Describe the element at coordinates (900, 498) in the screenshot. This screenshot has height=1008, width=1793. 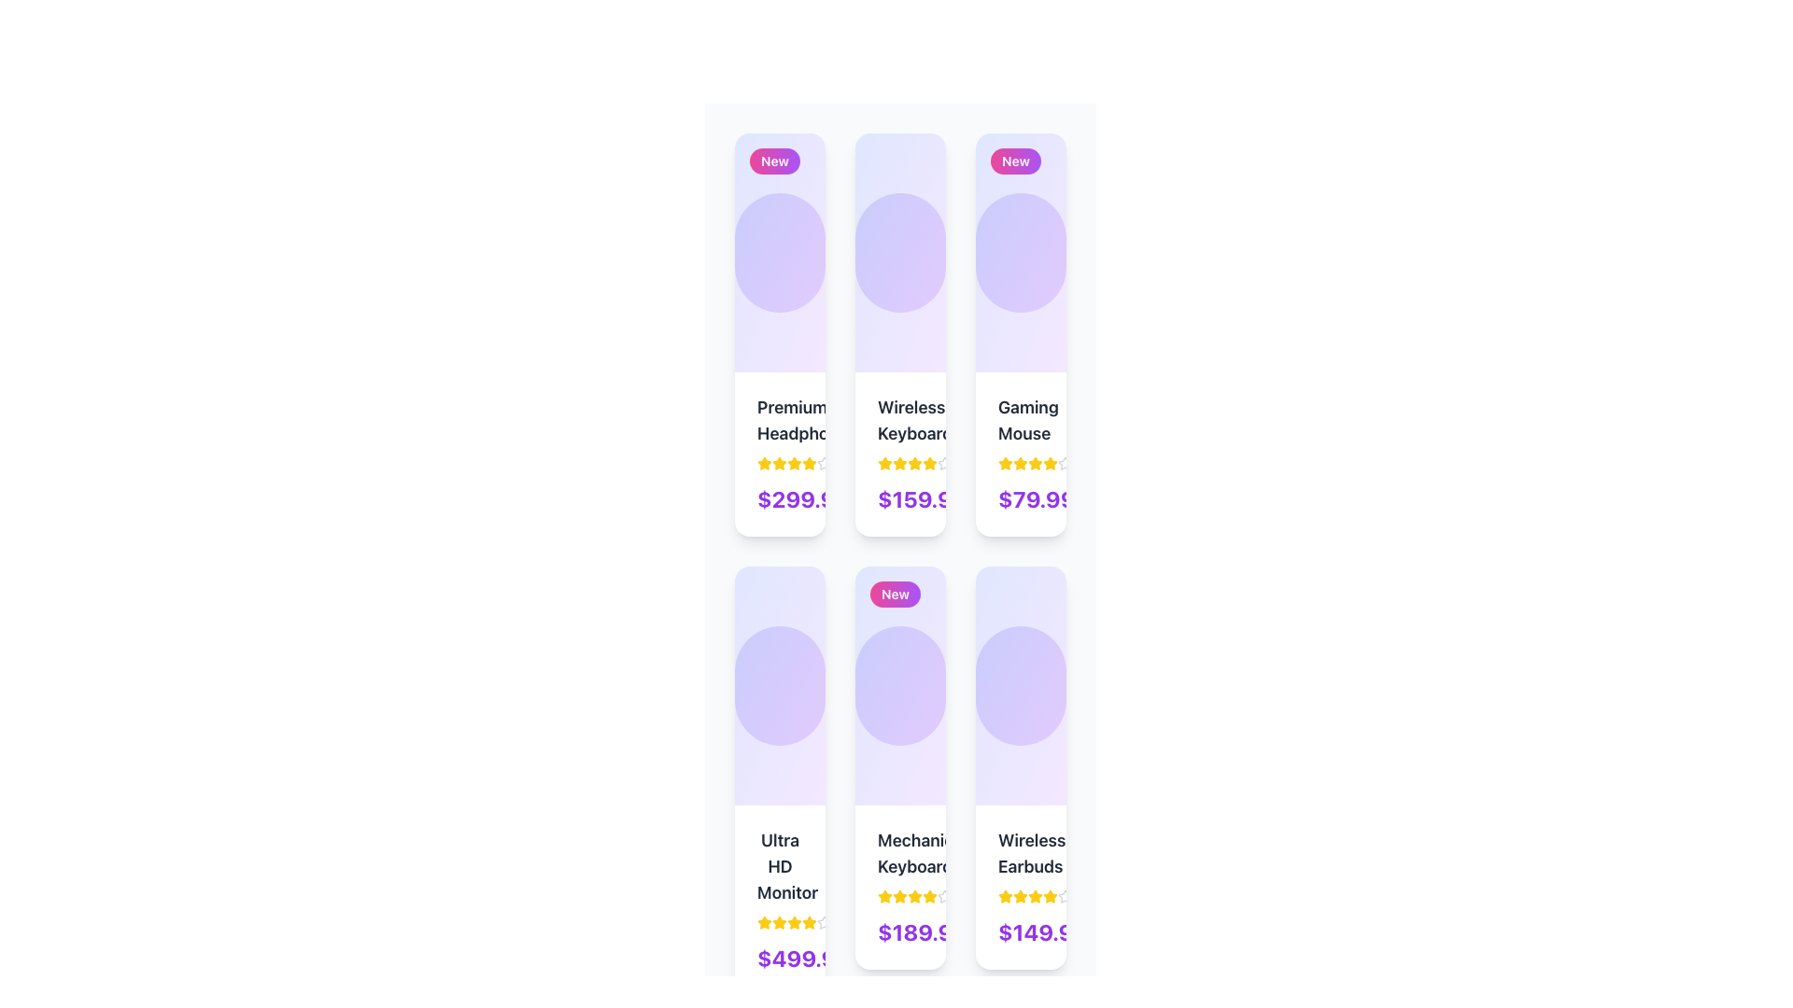
I see `price displayed in the text label for the 'Wireless Keyboard' product, located on the second card from the left in the top row of the grid layout, below the title and star ratings` at that location.